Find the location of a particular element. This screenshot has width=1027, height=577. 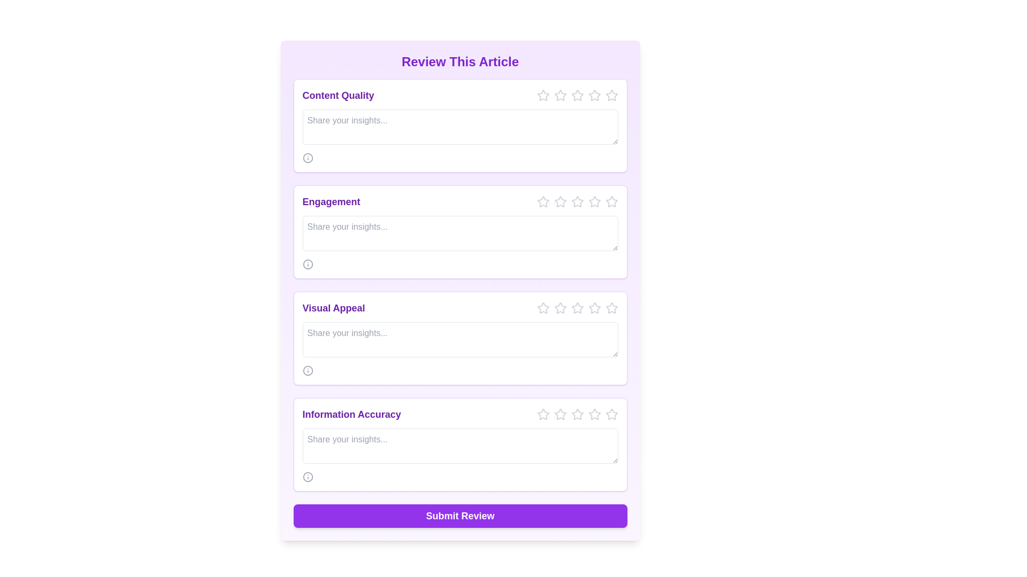

the fifth gray star icon in the 'Content Quality' section of the user review form is located at coordinates (594, 95).